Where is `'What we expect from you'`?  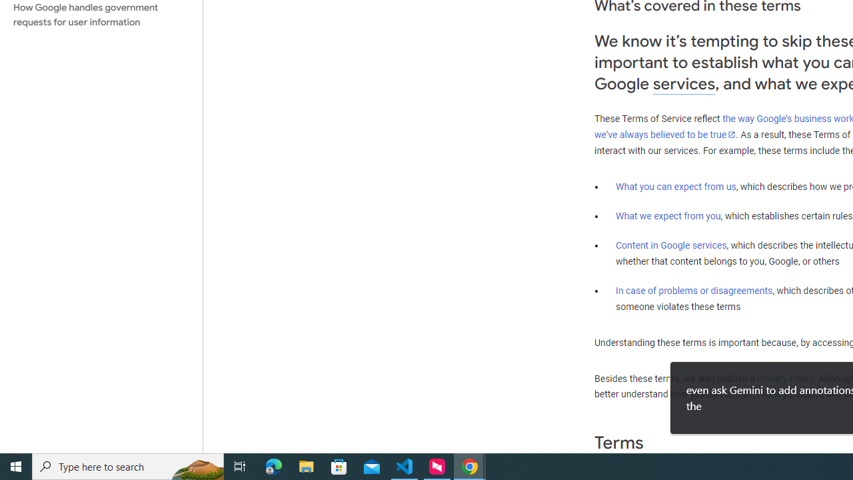 'What we expect from you' is located at coordinates (668, 215).